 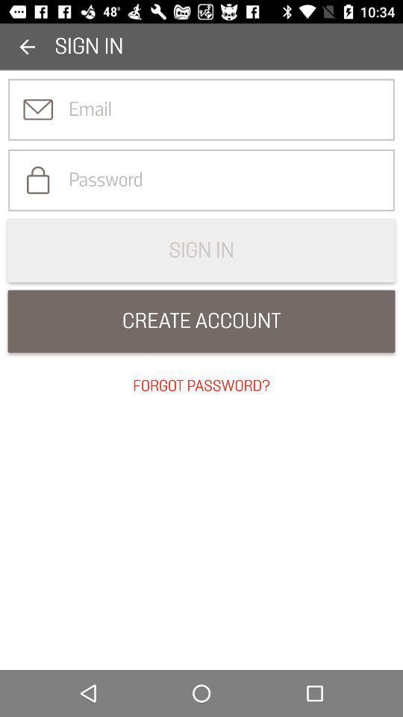 What do you see at coordinates (27, 46) in the screenshot?
I see `icon next to sign in item` at bounding box center [27, 46].